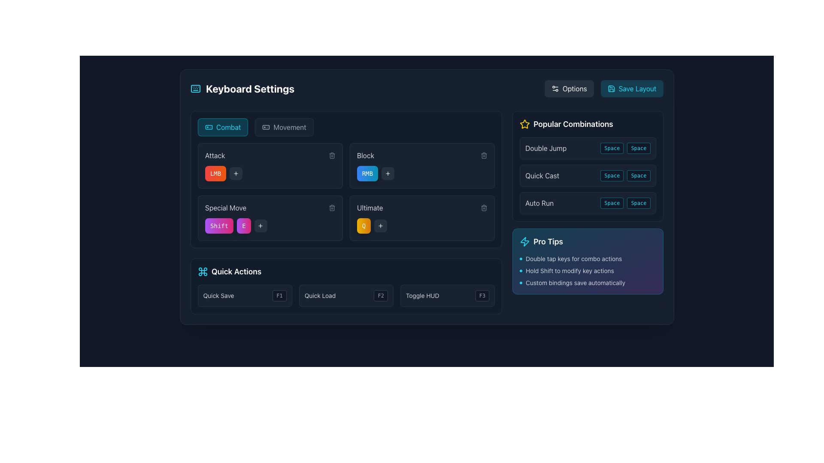  I want to click on the 'Combat' button with a blue-green gradient background, so click(223, 127).